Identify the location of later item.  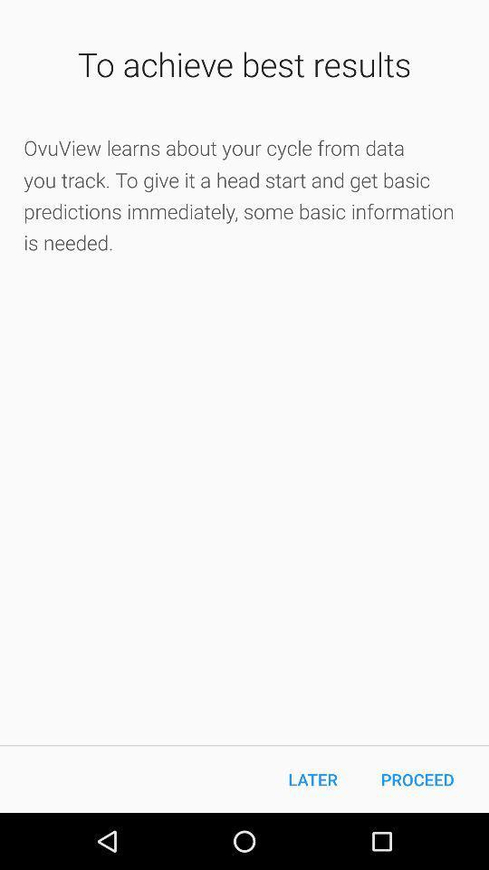
(312, 778).